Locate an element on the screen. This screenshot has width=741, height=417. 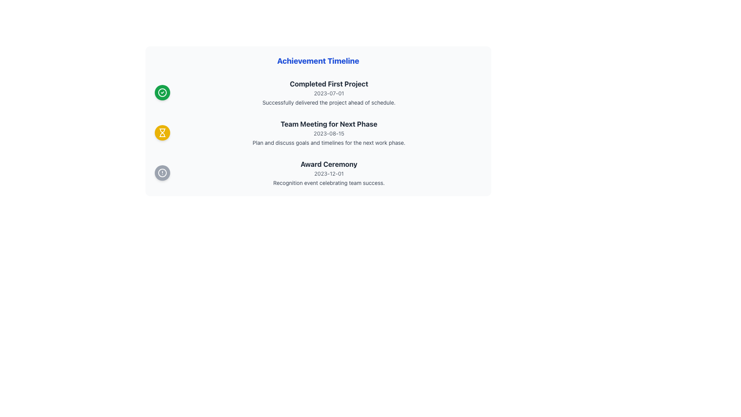
the circular alert icon located adjacent to the 'Award Ceremony' label in the timeline, which indicates a warning or alert is located at coordinates (162, 172).